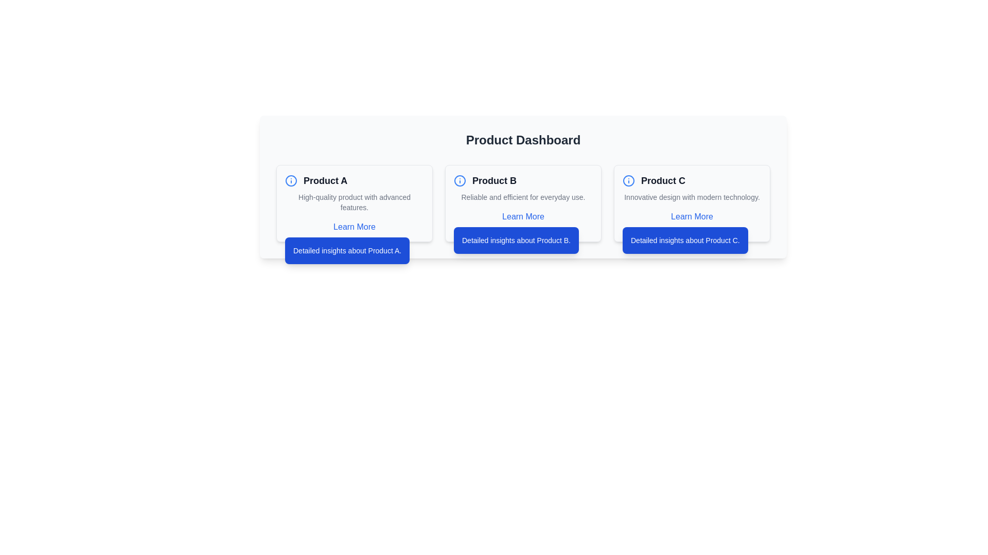 Image resolution: width=988 pixels, height=555 pixels. I want to click on the Text Label that identifies the card's content as relating to 'Product A', located in the top-left section of the card, to the right of a blue information symbol, so click(325, 180).